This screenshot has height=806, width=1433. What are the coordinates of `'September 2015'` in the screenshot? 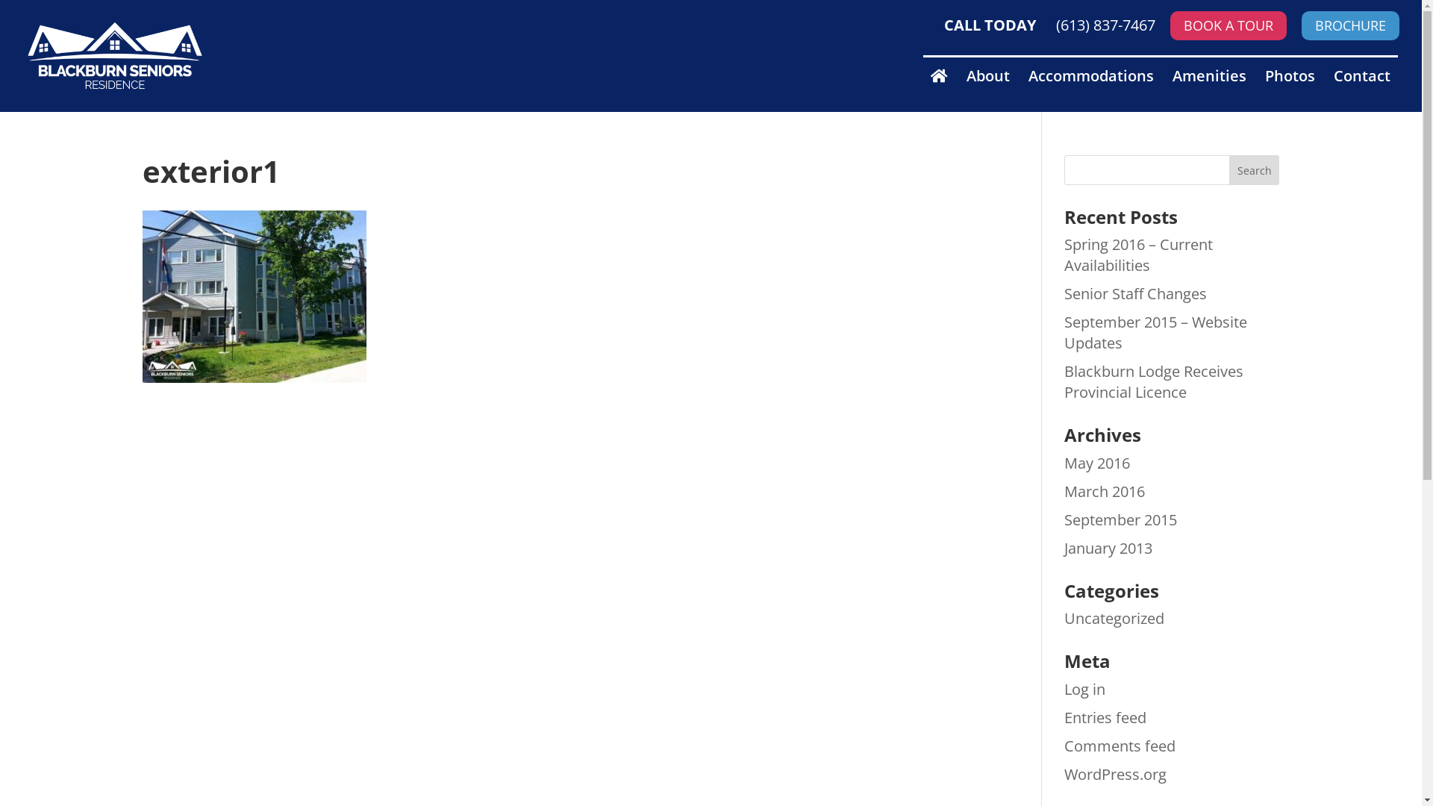 It's located at (1063, 519).